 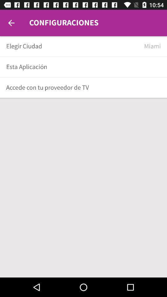 I want to click on the item next to elegir ciudad item, so click(x=152, y=46).